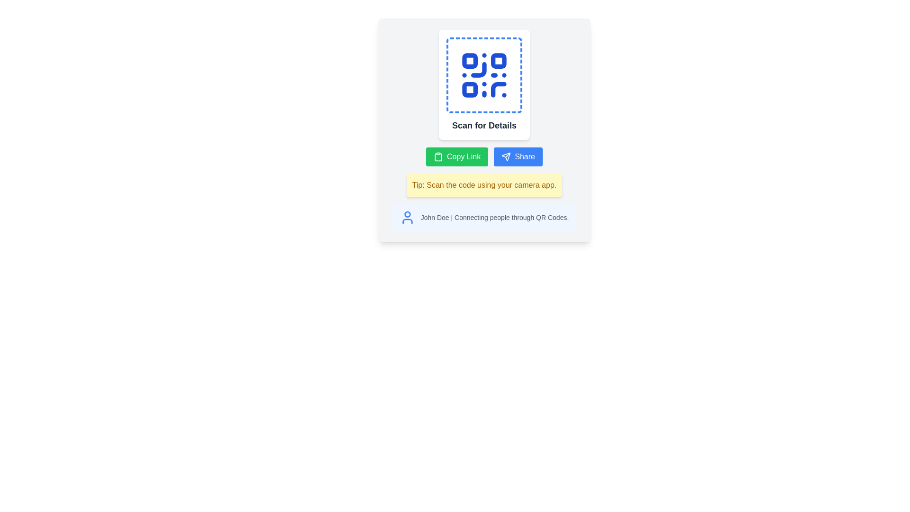 This screenshot has height=512, width=910. I want to click on the first graphical component in the upper-left section of the QR code that contributes to its visual encoding, so click(470, 61).